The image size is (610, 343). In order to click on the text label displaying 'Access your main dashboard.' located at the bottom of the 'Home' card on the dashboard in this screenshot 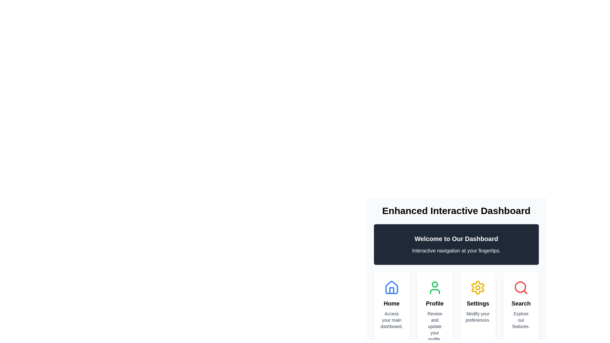, I will do `click(391, 320)`.